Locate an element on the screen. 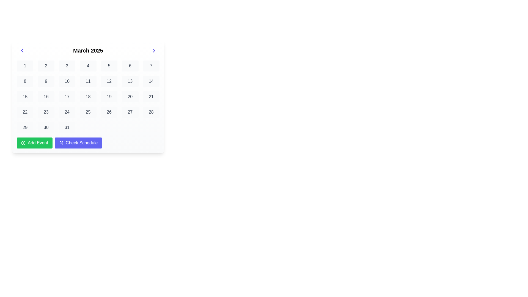 This screenshot has height=297, width=528. the left-pointing indigo chevron button is located at coordinates (22, 51).